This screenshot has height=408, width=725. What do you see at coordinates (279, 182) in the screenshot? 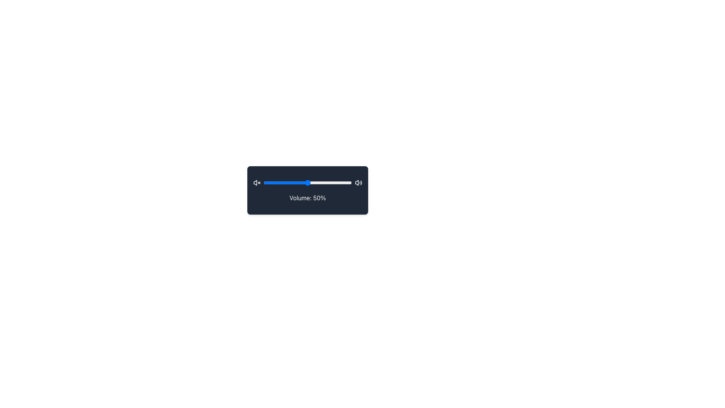
I see `the volume` at bounding box center [279, 182].